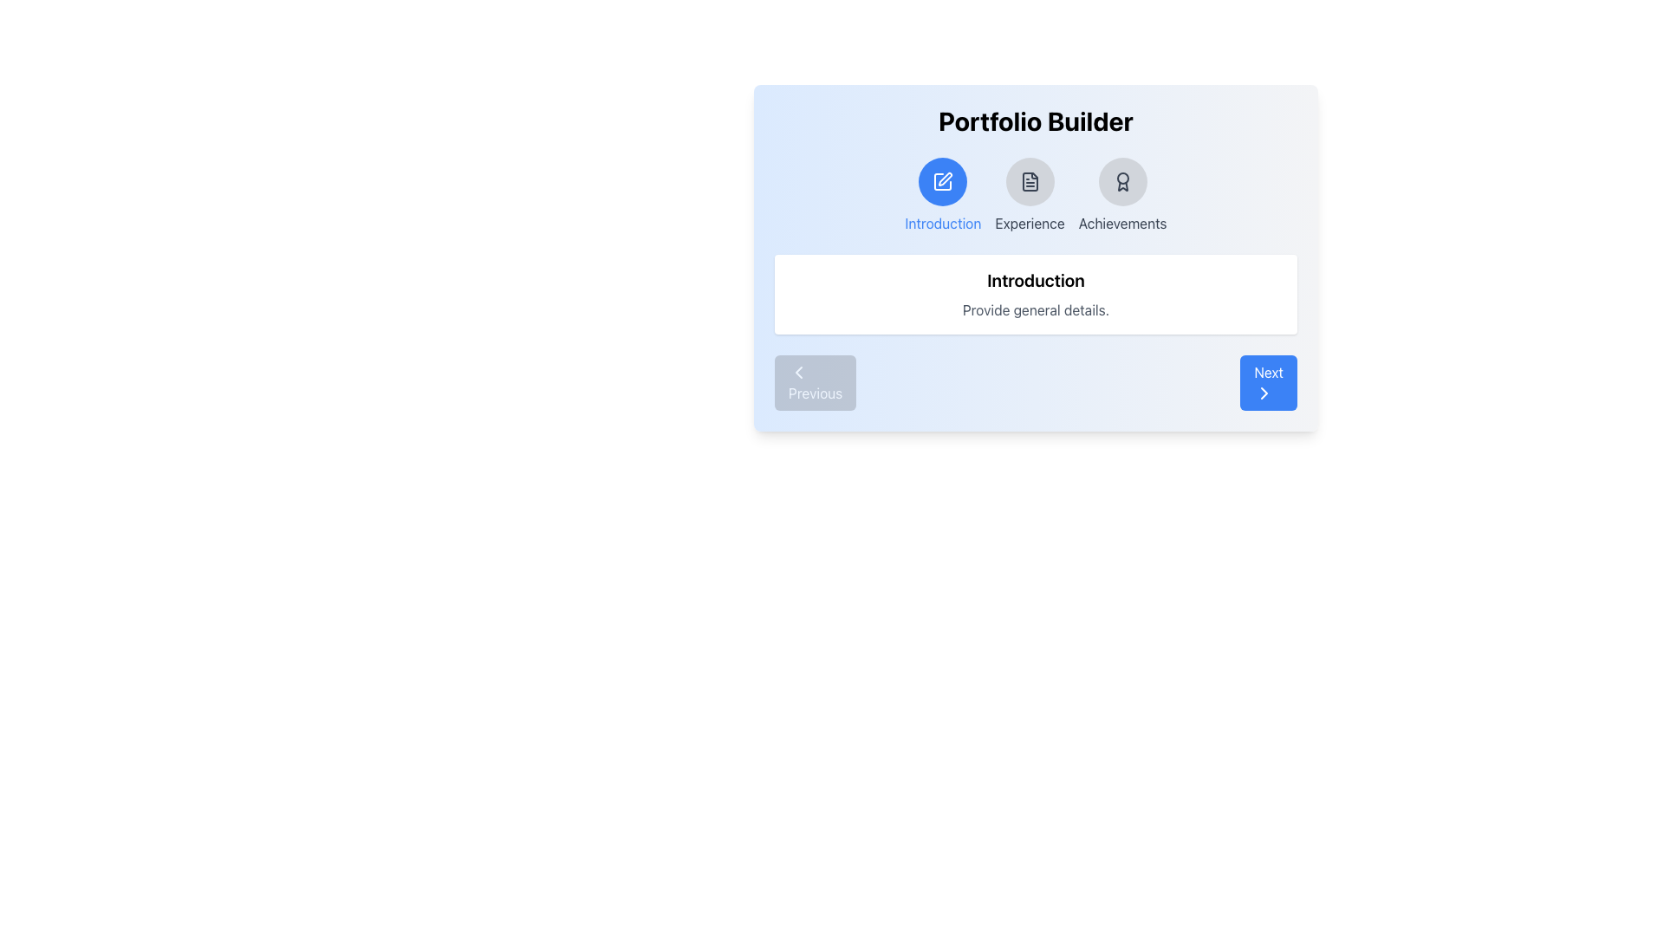  What do you see at coordinates (1264, 393) in the screenshot?
I see `the icon within the blue-colored rectangular button labeled 'Next', located at the bottom-right corner of the form interface, as part of the button's affordance` at bounding box center [1264, 393].